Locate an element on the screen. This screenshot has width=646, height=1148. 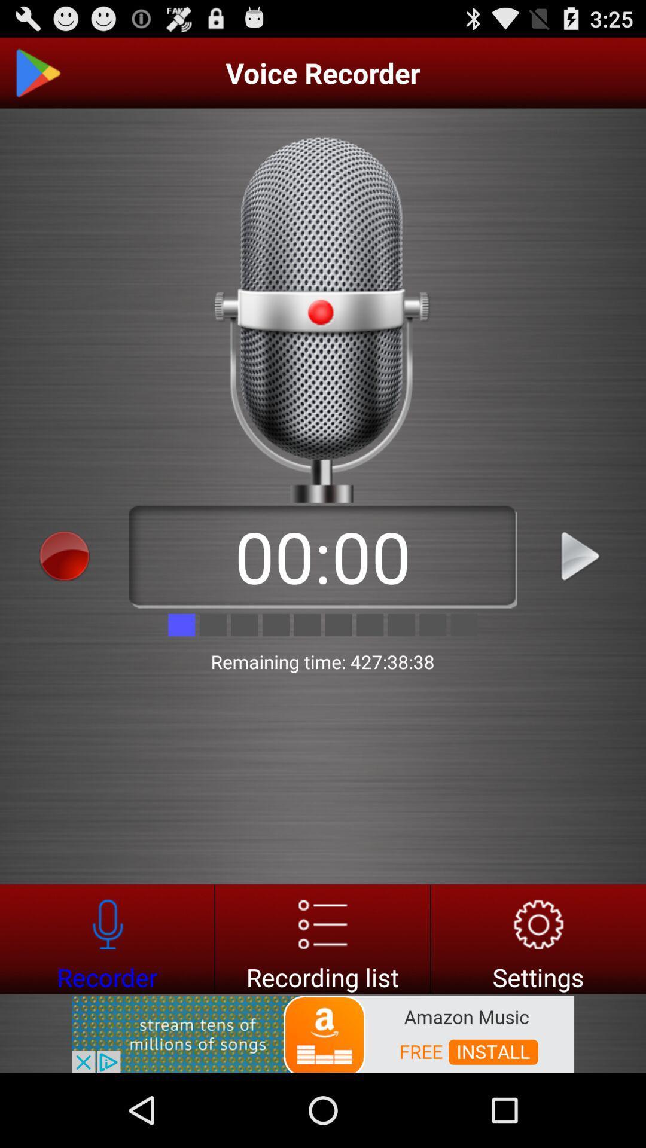
voice recorder start button is located at coordinates (65, 555).